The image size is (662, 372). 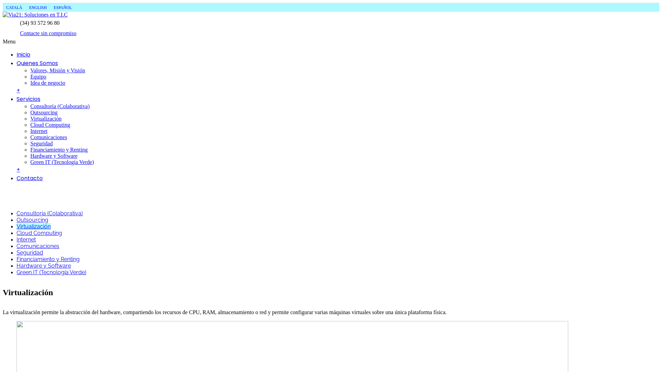 What do you see at coordinates (26, 239) in the screenshot?
I see `'Internet'` at bounding box center [26, 239].